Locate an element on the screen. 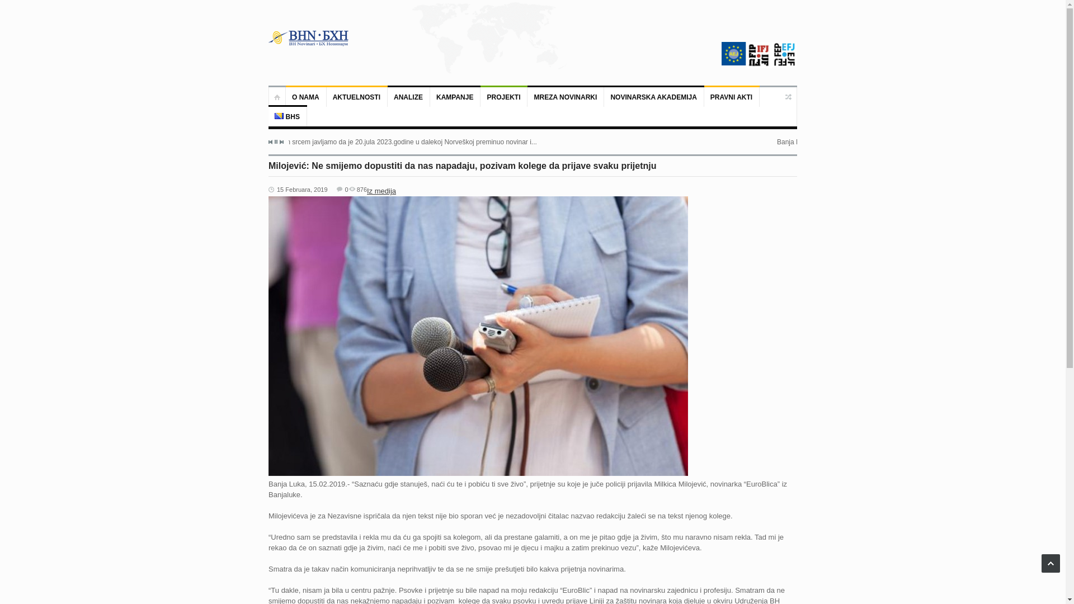 The height and width of the screenshot is (604, 1074). 'MREZA NOVINARKI' is located at coordinates (566, 96).